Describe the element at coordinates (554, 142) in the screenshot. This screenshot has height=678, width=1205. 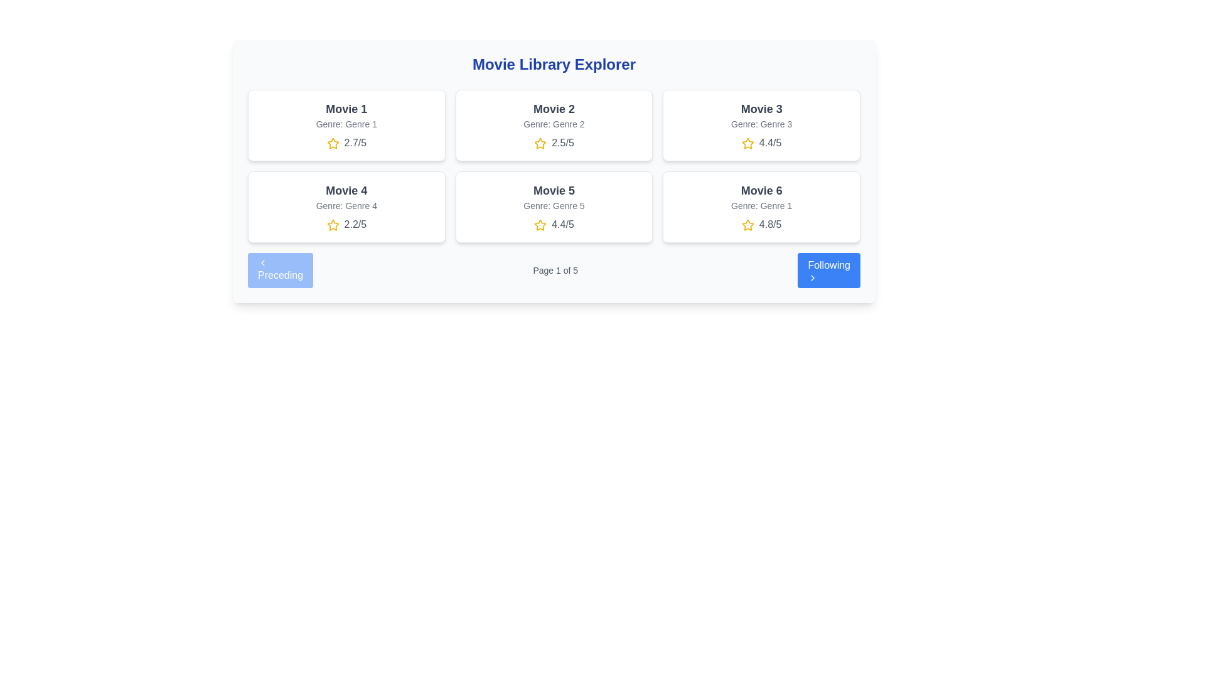
I see `the average rating text label paired with a yellow star icon for 'Movie 2' in the 'Movie Library Explorer' layout` at that location.